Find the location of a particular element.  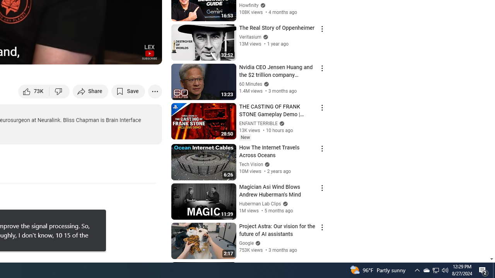

'Verified' is located at coordinates (257, 242).